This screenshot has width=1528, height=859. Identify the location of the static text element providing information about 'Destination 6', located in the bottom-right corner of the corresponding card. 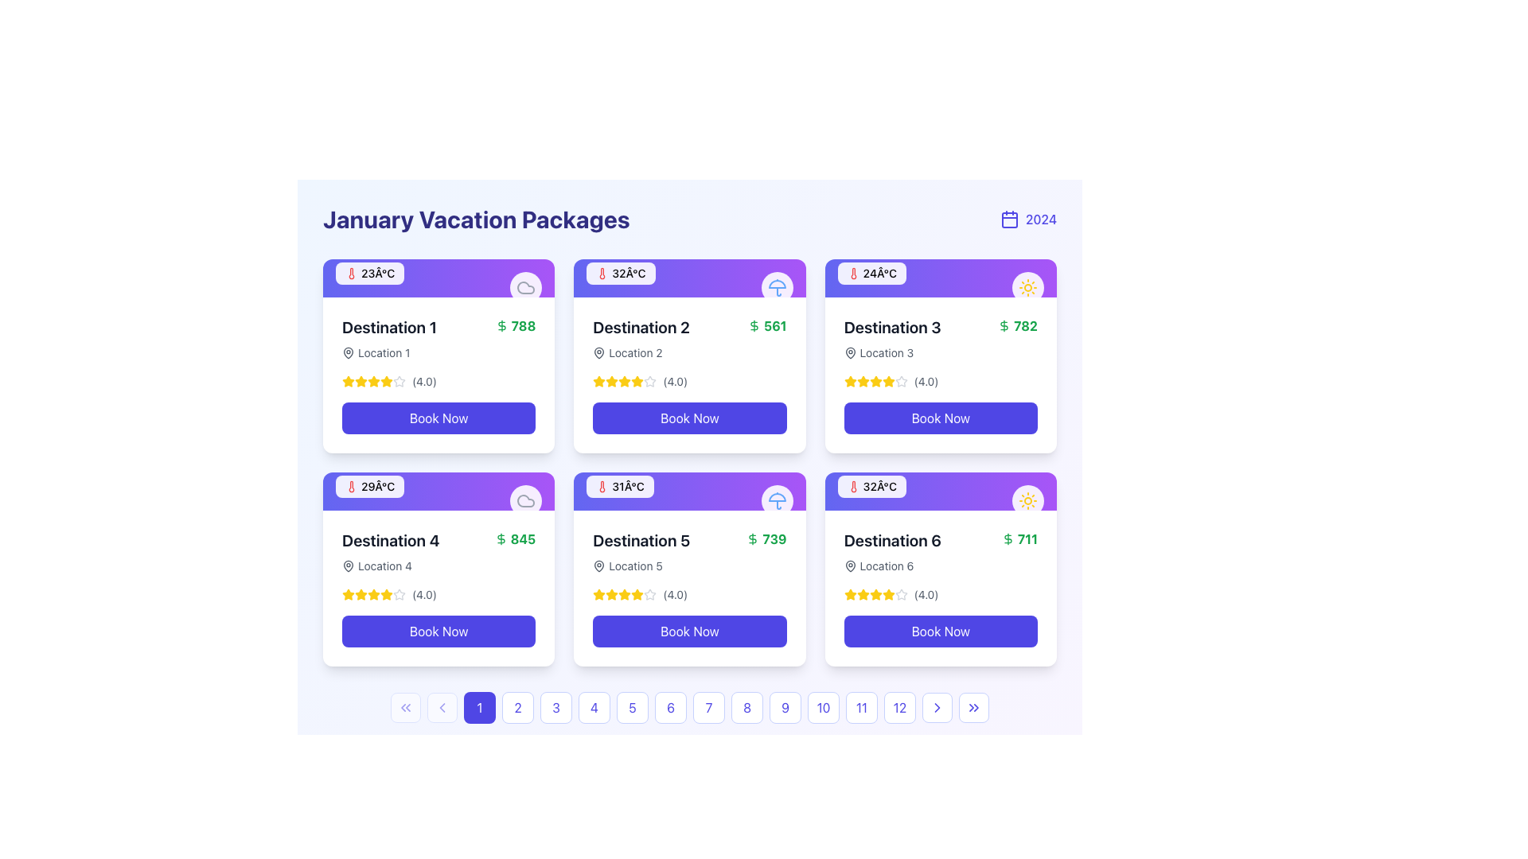
(892, 566).